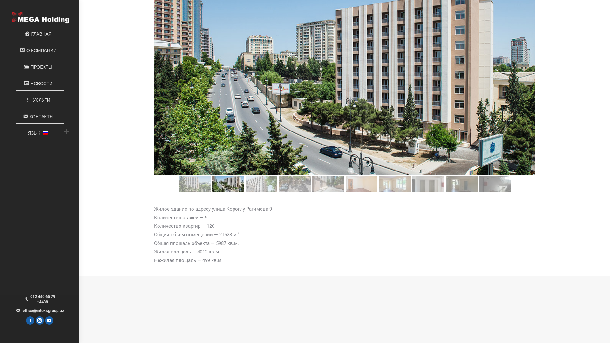 The width and height of the screenshot is (610, 343). What do you see at coordinates (39, 320) in the screenshot?
I see `'Instagram'` at bounding box center [39, 320].